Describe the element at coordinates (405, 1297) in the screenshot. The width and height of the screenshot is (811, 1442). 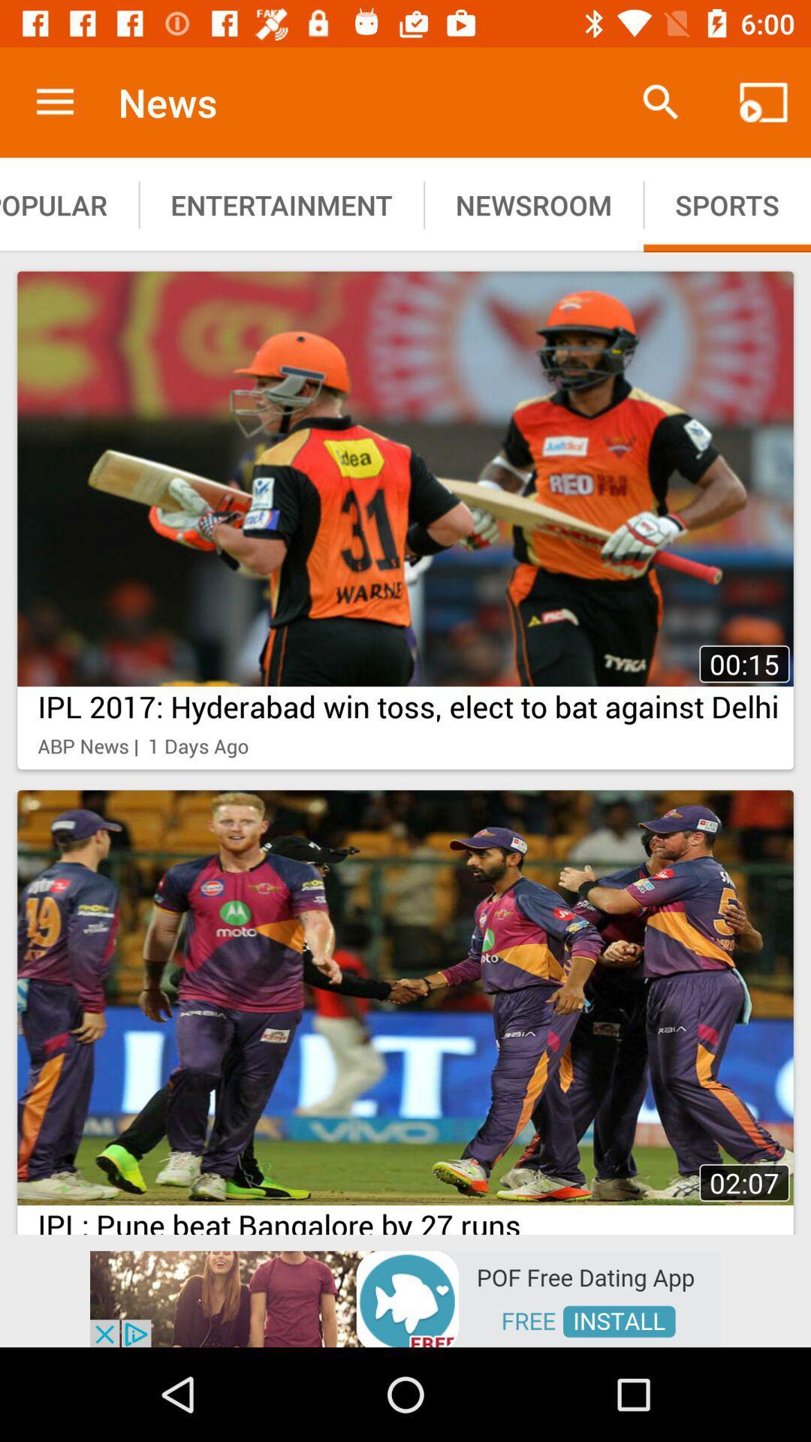
I see `open advertisement` at that location.